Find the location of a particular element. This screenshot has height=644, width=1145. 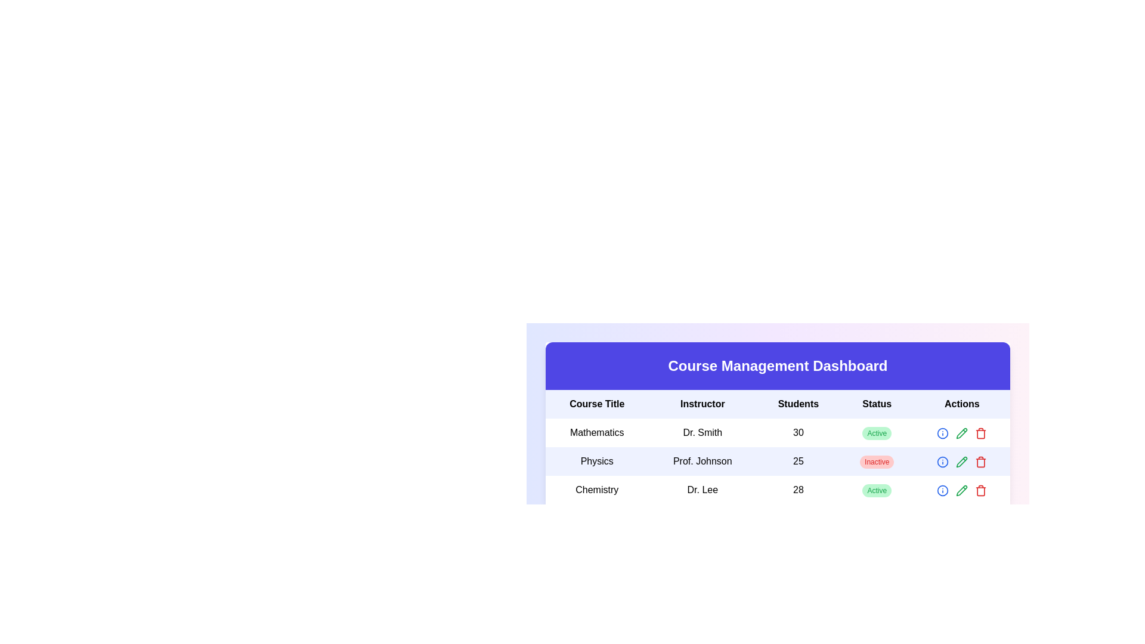

the text label indicating the course name, which is the first cell in a row directly below the 'Course Title' column header and to the left of 'Prof. Johnson' is located at coordinates (597, 461).